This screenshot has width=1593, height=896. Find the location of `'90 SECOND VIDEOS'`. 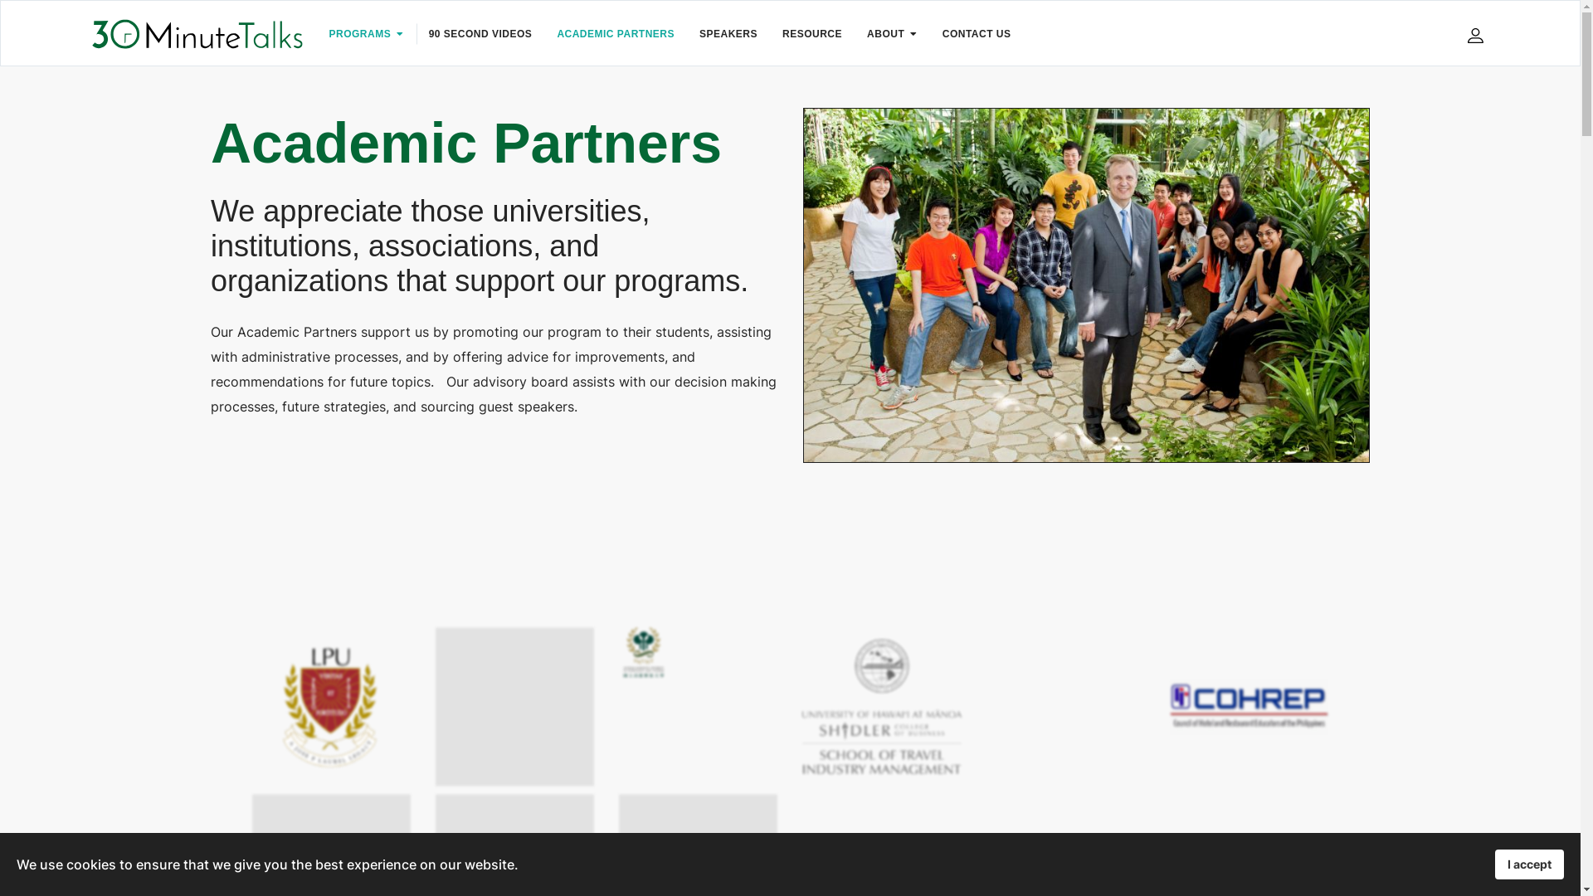

'90 SECOND VIDEOS' is located at coordinates (480, 34).